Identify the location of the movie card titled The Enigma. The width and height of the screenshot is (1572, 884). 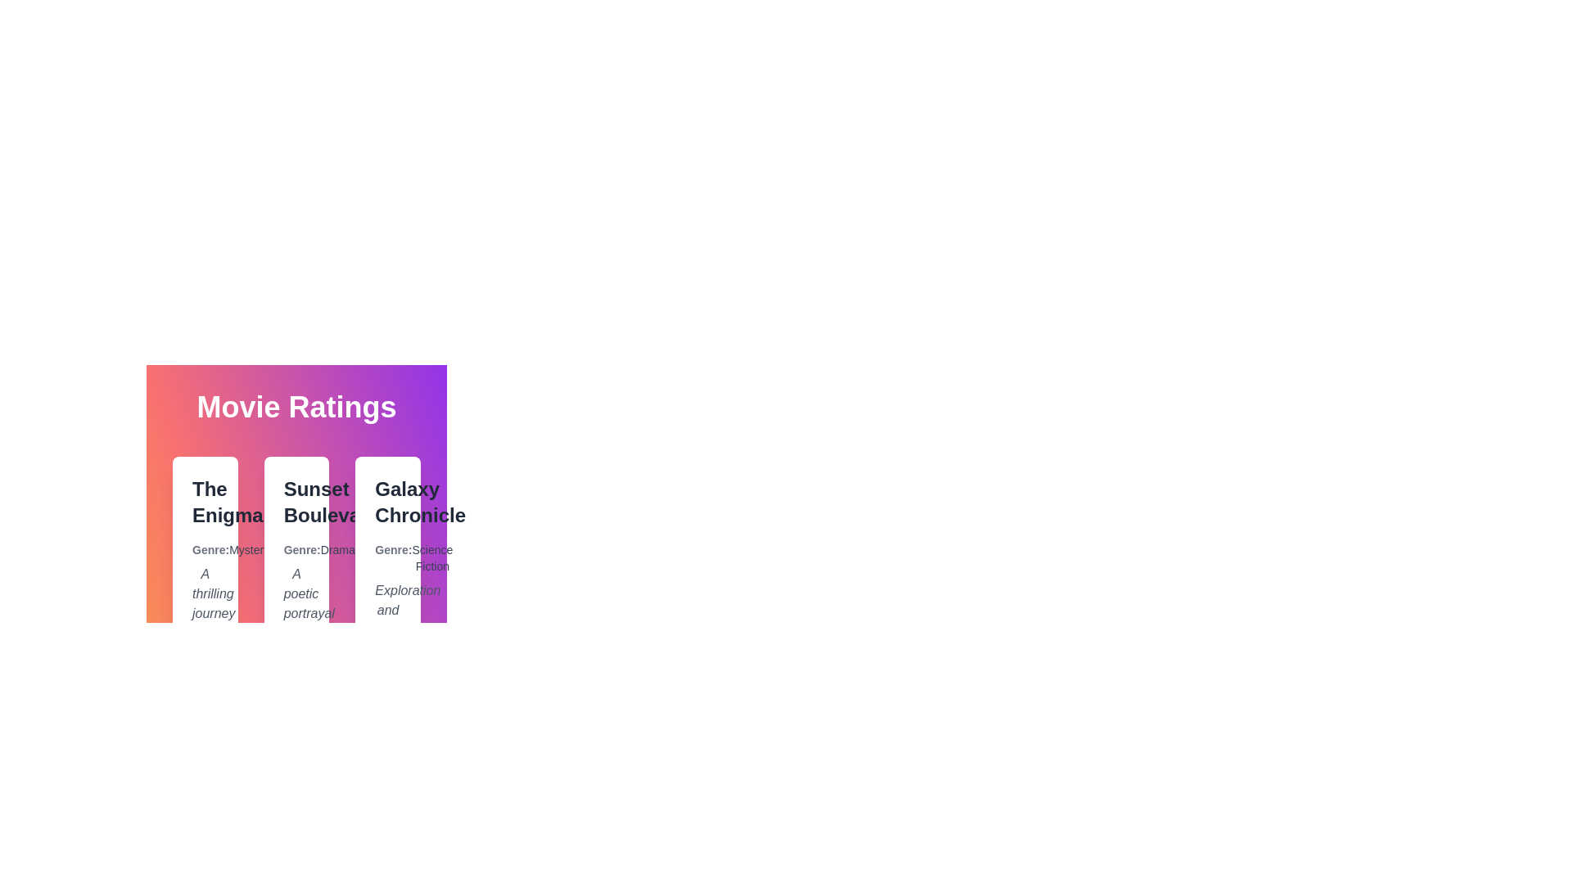
(203, 612).